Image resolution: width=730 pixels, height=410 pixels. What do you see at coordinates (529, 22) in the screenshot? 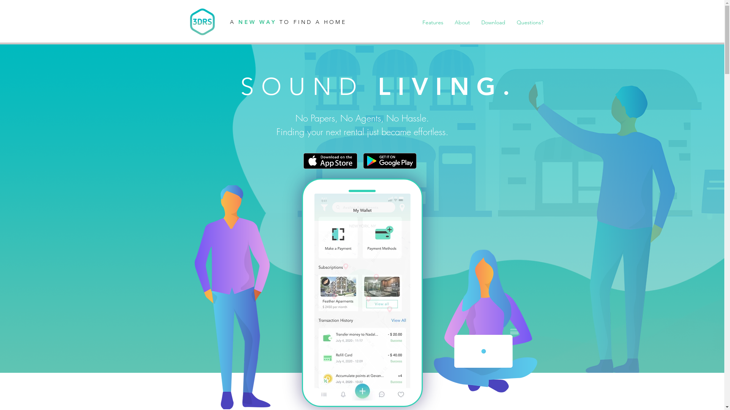
I see `'Questions?'` at bounding box center [529, 22].